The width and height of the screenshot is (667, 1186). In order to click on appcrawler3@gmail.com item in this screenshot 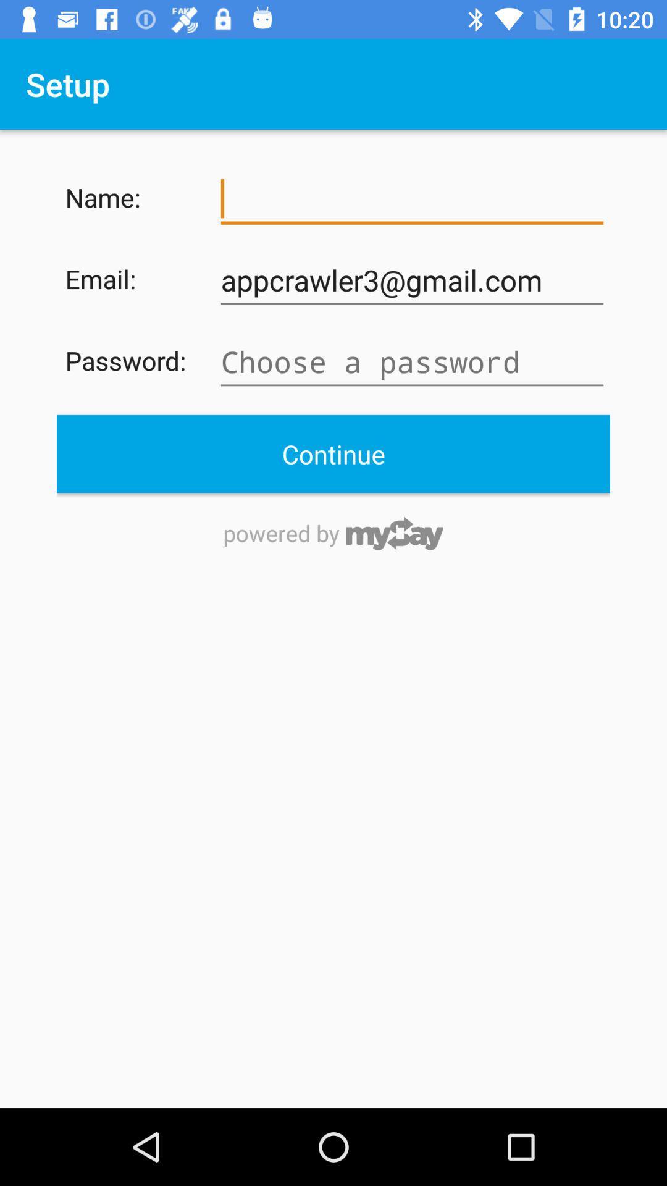, I will do `click(412, 280)`.